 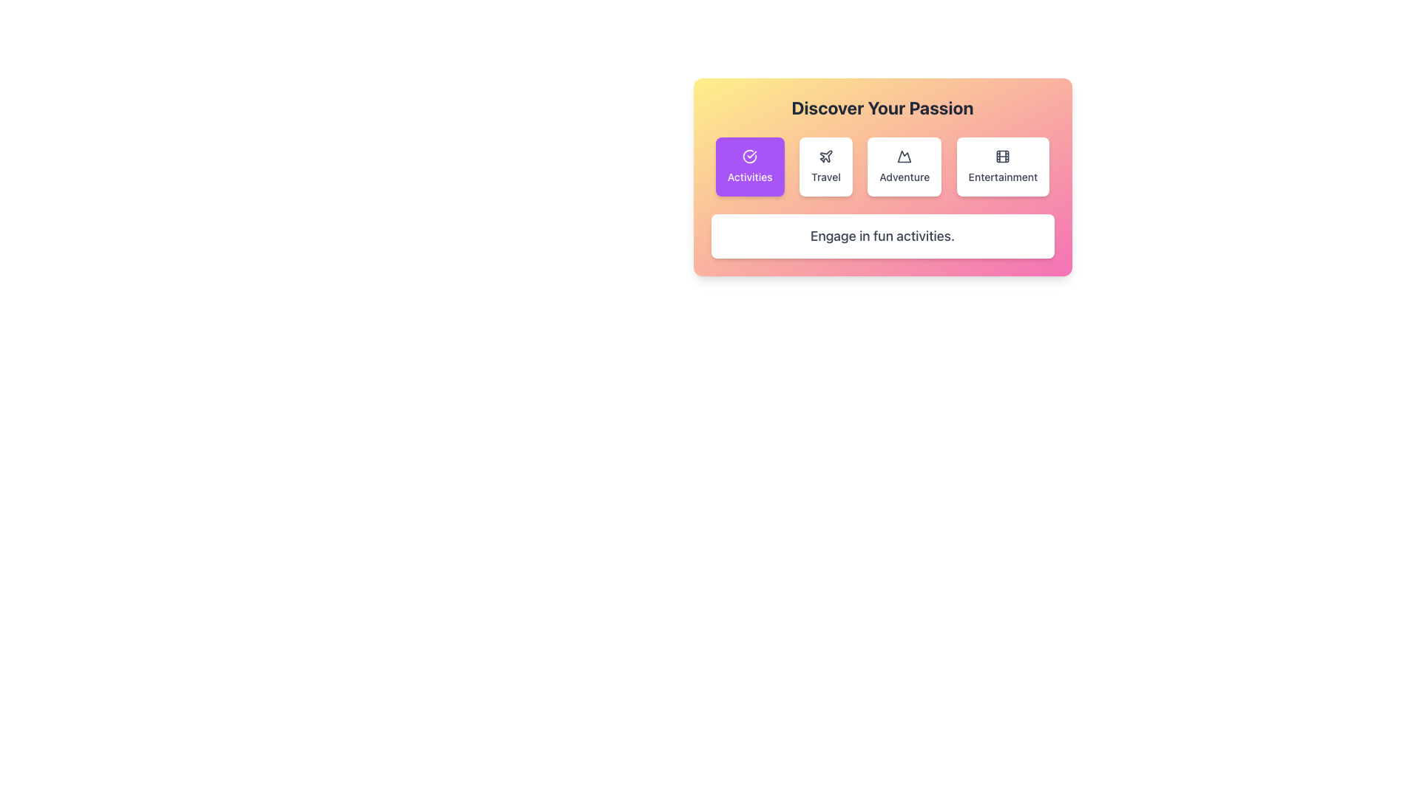 I want to click on the centered header text 'Discover Your Passion', which is displayed in a bold and large font with a dark gray color against a gradient background of yellow-to-pink hues, so click(x=882, y=107).